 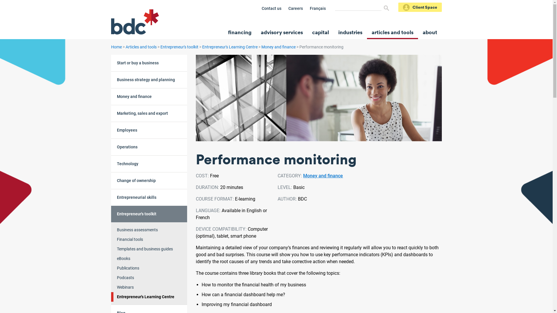 I want to click on 'Articles and tools', so click(x=141, y=47).